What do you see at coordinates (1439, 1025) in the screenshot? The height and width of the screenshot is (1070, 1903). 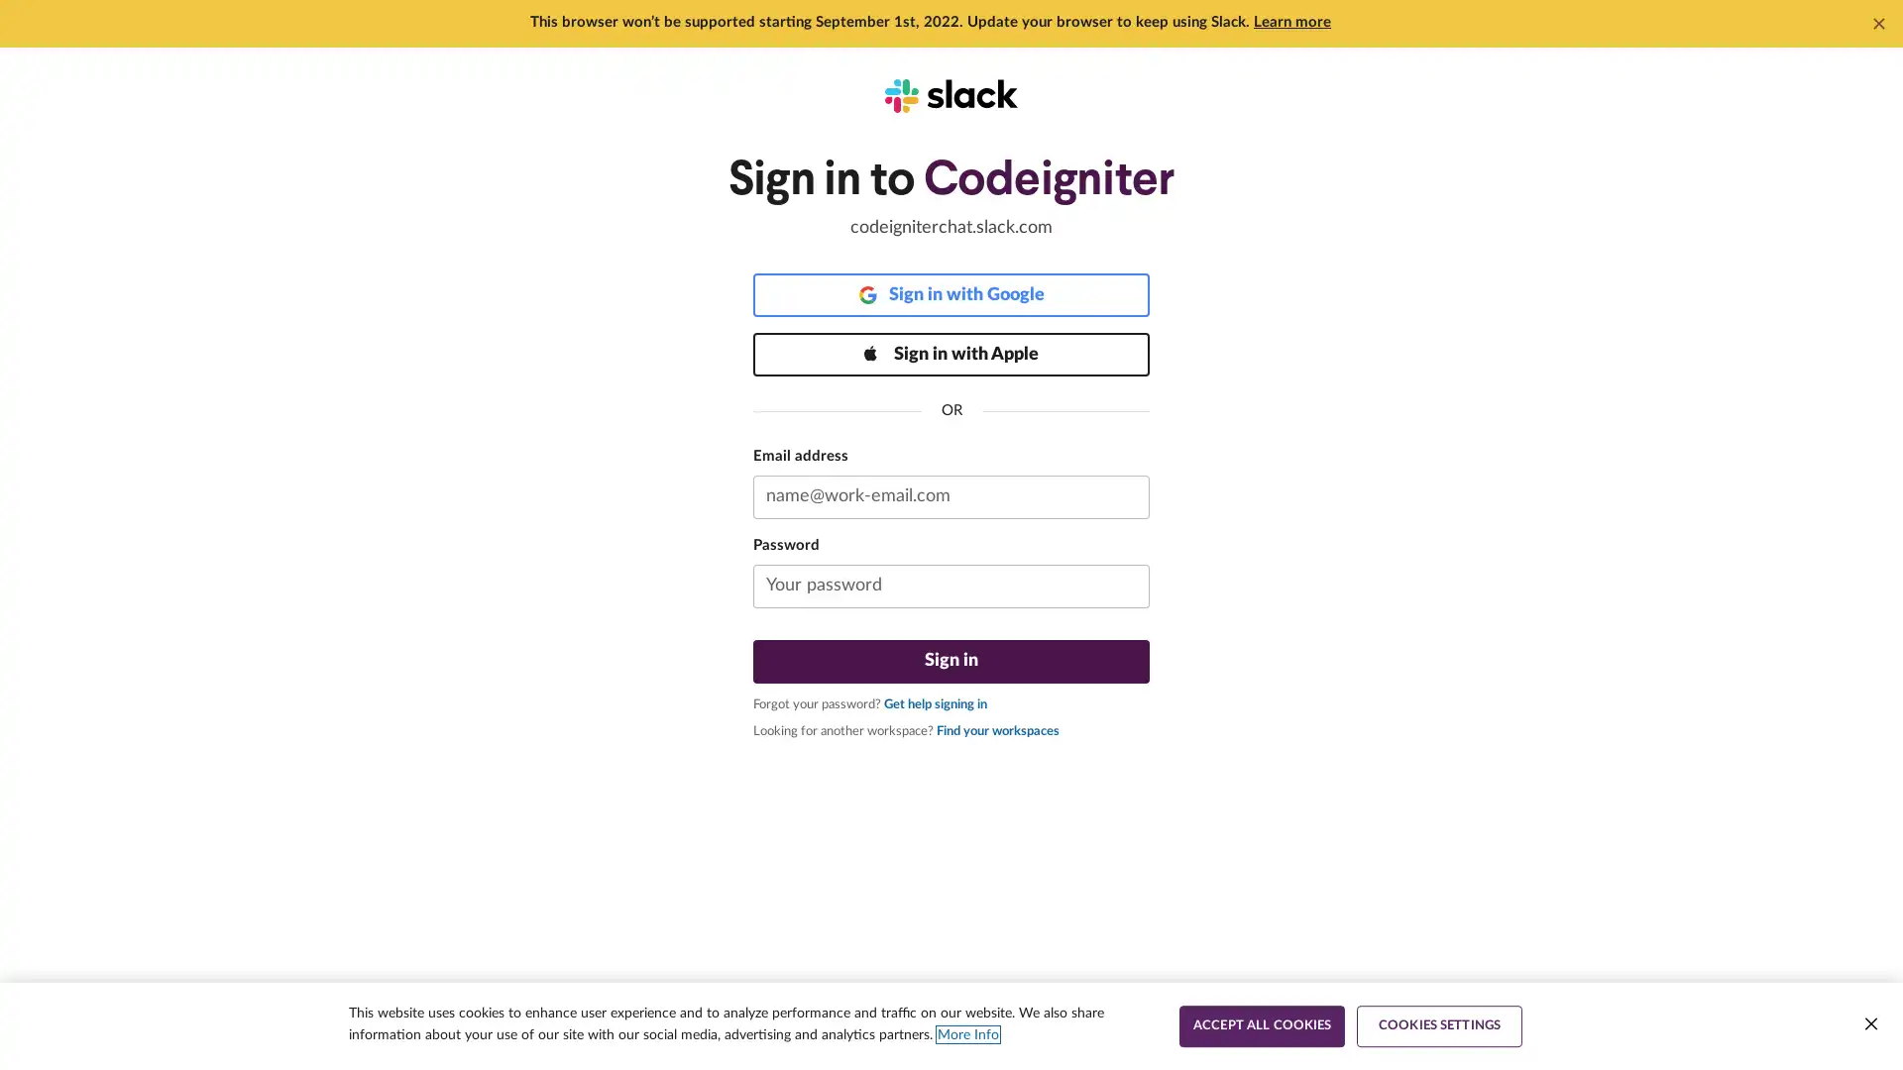 I see `COOKIES SETTINGS` at bounding box center [1439, 1025].